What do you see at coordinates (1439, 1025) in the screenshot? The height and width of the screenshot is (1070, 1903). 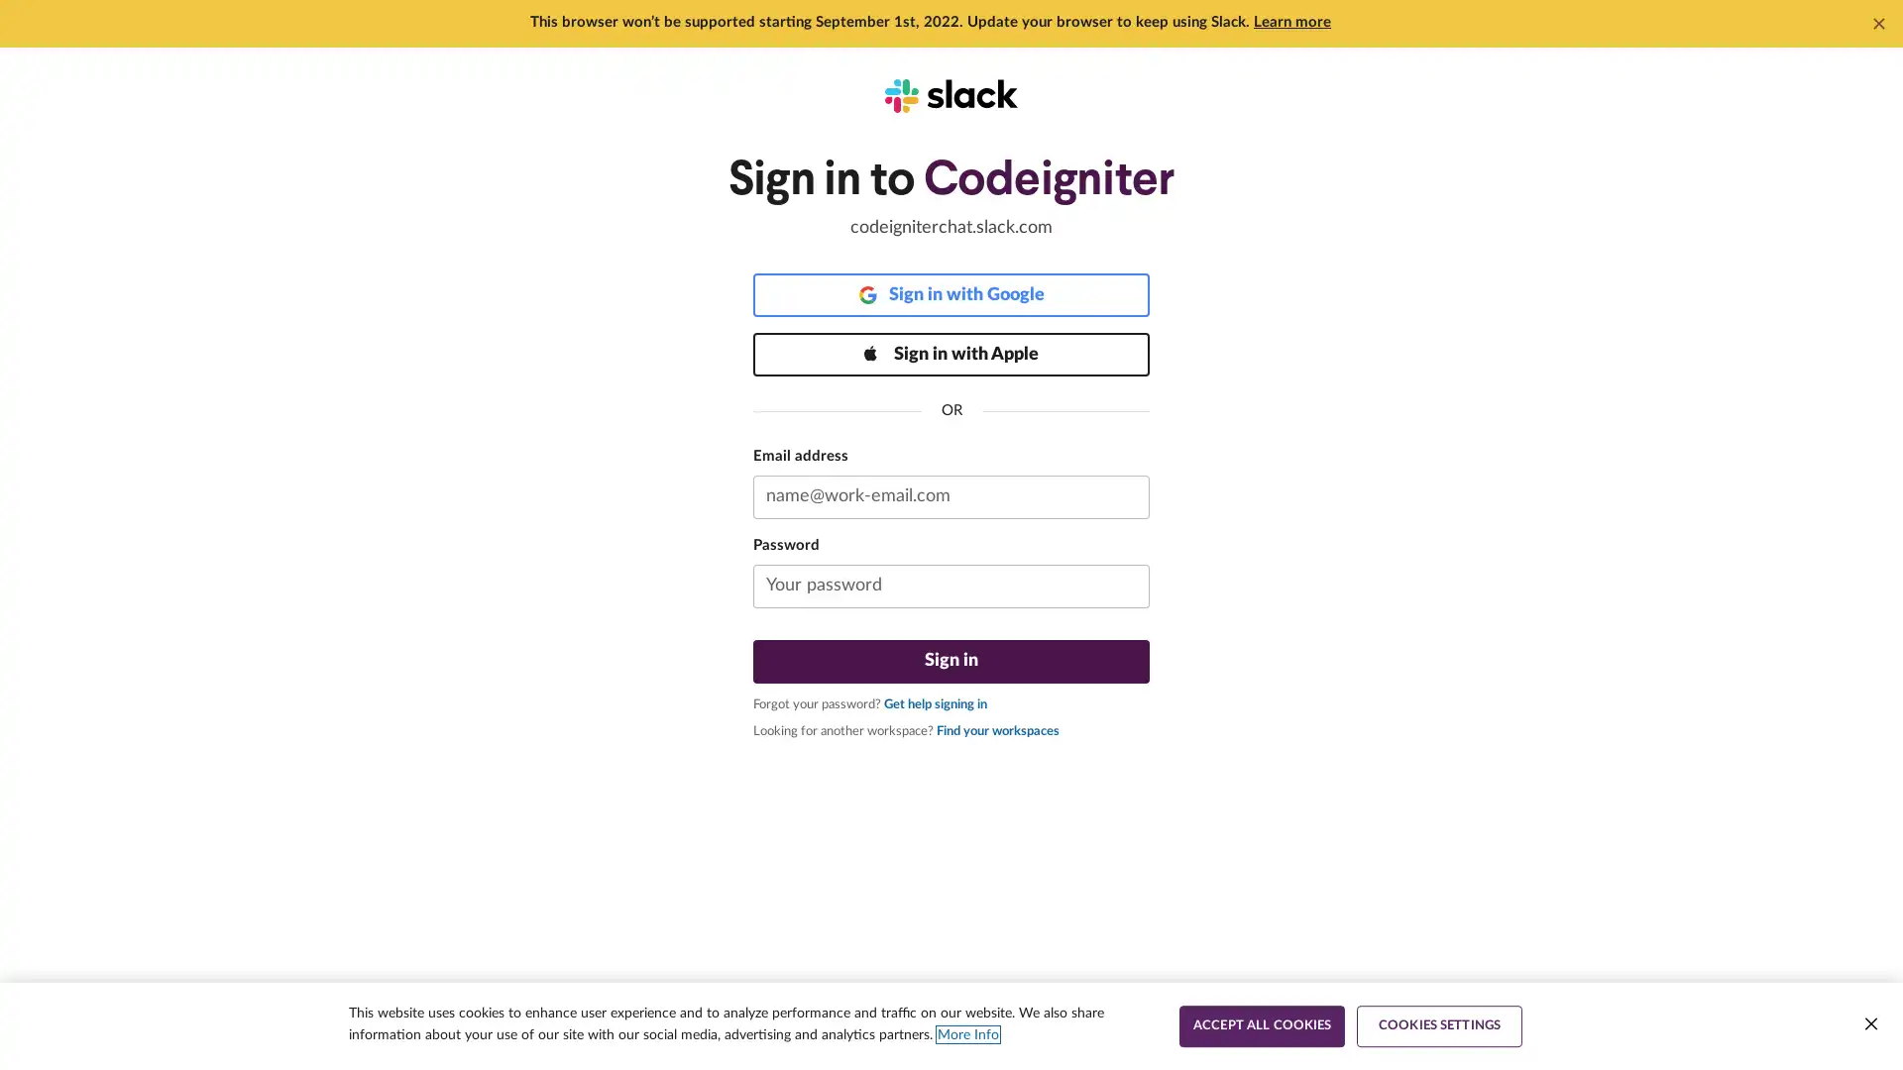 I see `COOKIES SETTINGS` at bounding box center [1439, 1025].